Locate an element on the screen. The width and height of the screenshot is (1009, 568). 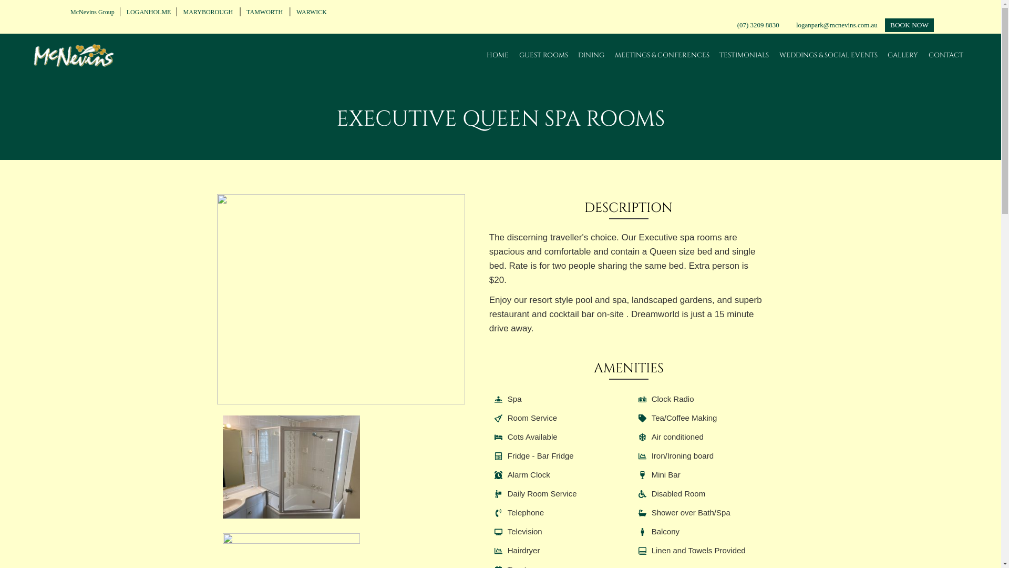
'WEDDINGS & SOCIAL EVENTS' is located at coordinates (828, 55).